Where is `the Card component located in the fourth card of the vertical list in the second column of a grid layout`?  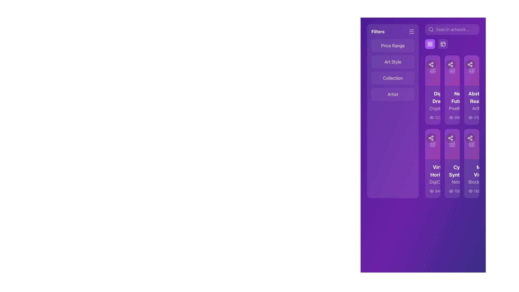
the Card component located in the fourth card of the vertical list in the second column of a grid layout is located at coordinates (471, 178).